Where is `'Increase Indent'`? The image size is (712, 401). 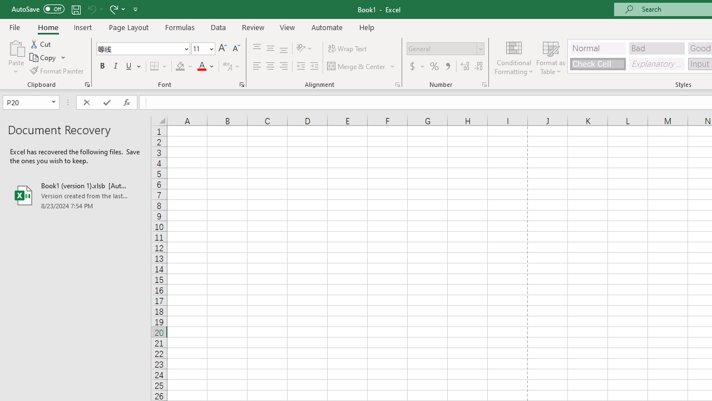 'Increase Indent' is located at coordinates (314, 66).